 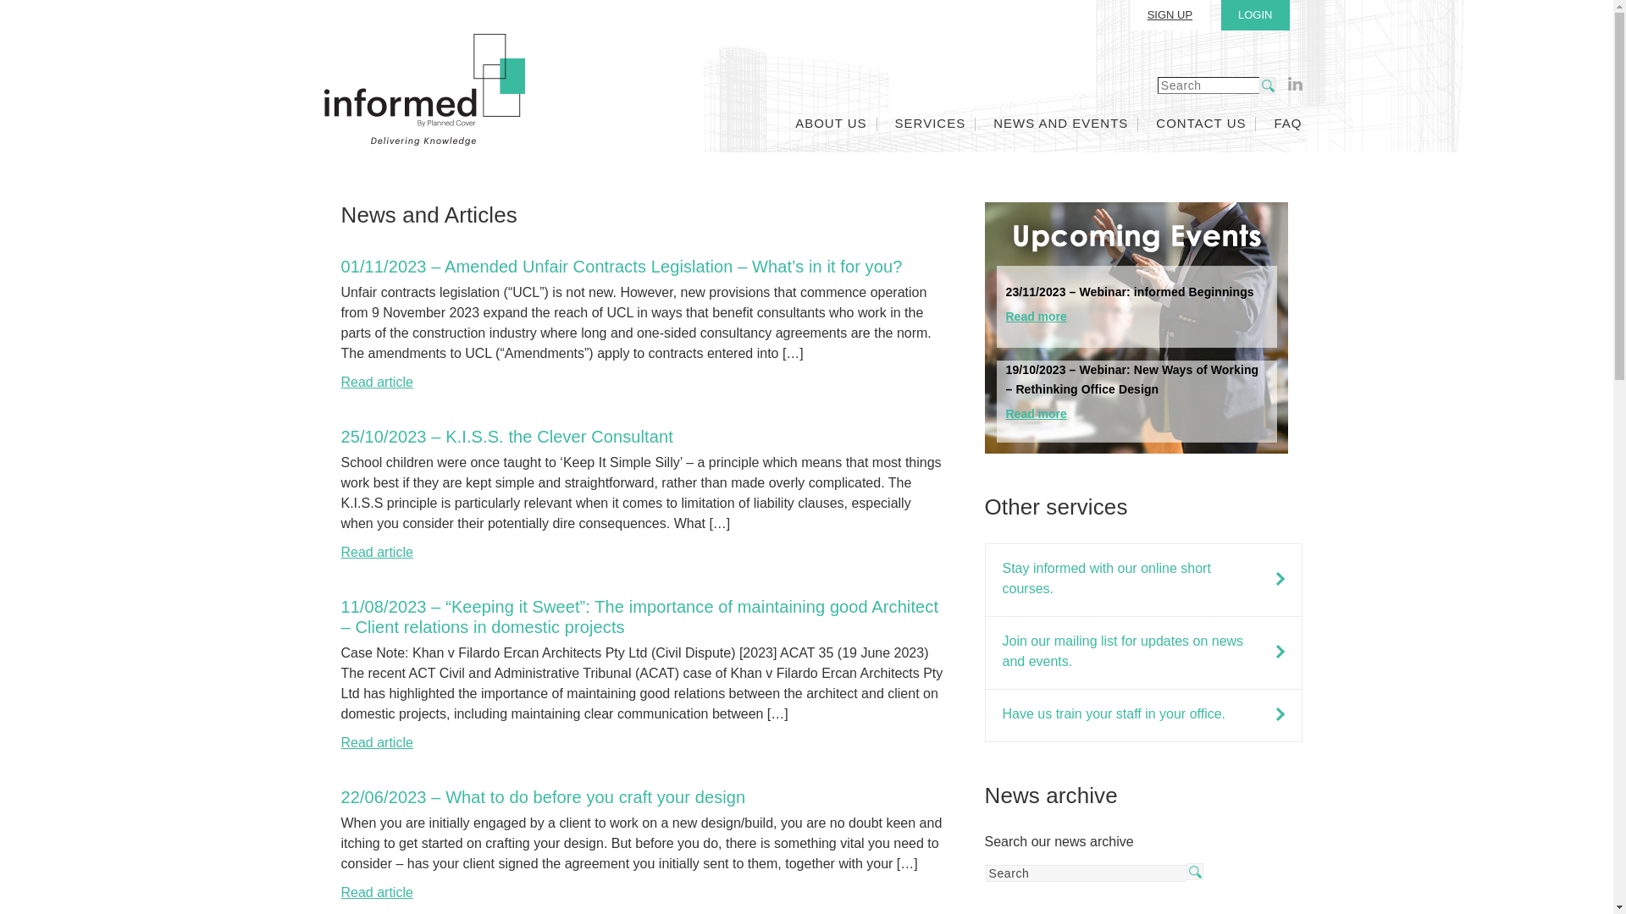 What do you see at coordinates (1268, 85) in the screenshot?
I see `'search'` at bounding box center [1268, 85].